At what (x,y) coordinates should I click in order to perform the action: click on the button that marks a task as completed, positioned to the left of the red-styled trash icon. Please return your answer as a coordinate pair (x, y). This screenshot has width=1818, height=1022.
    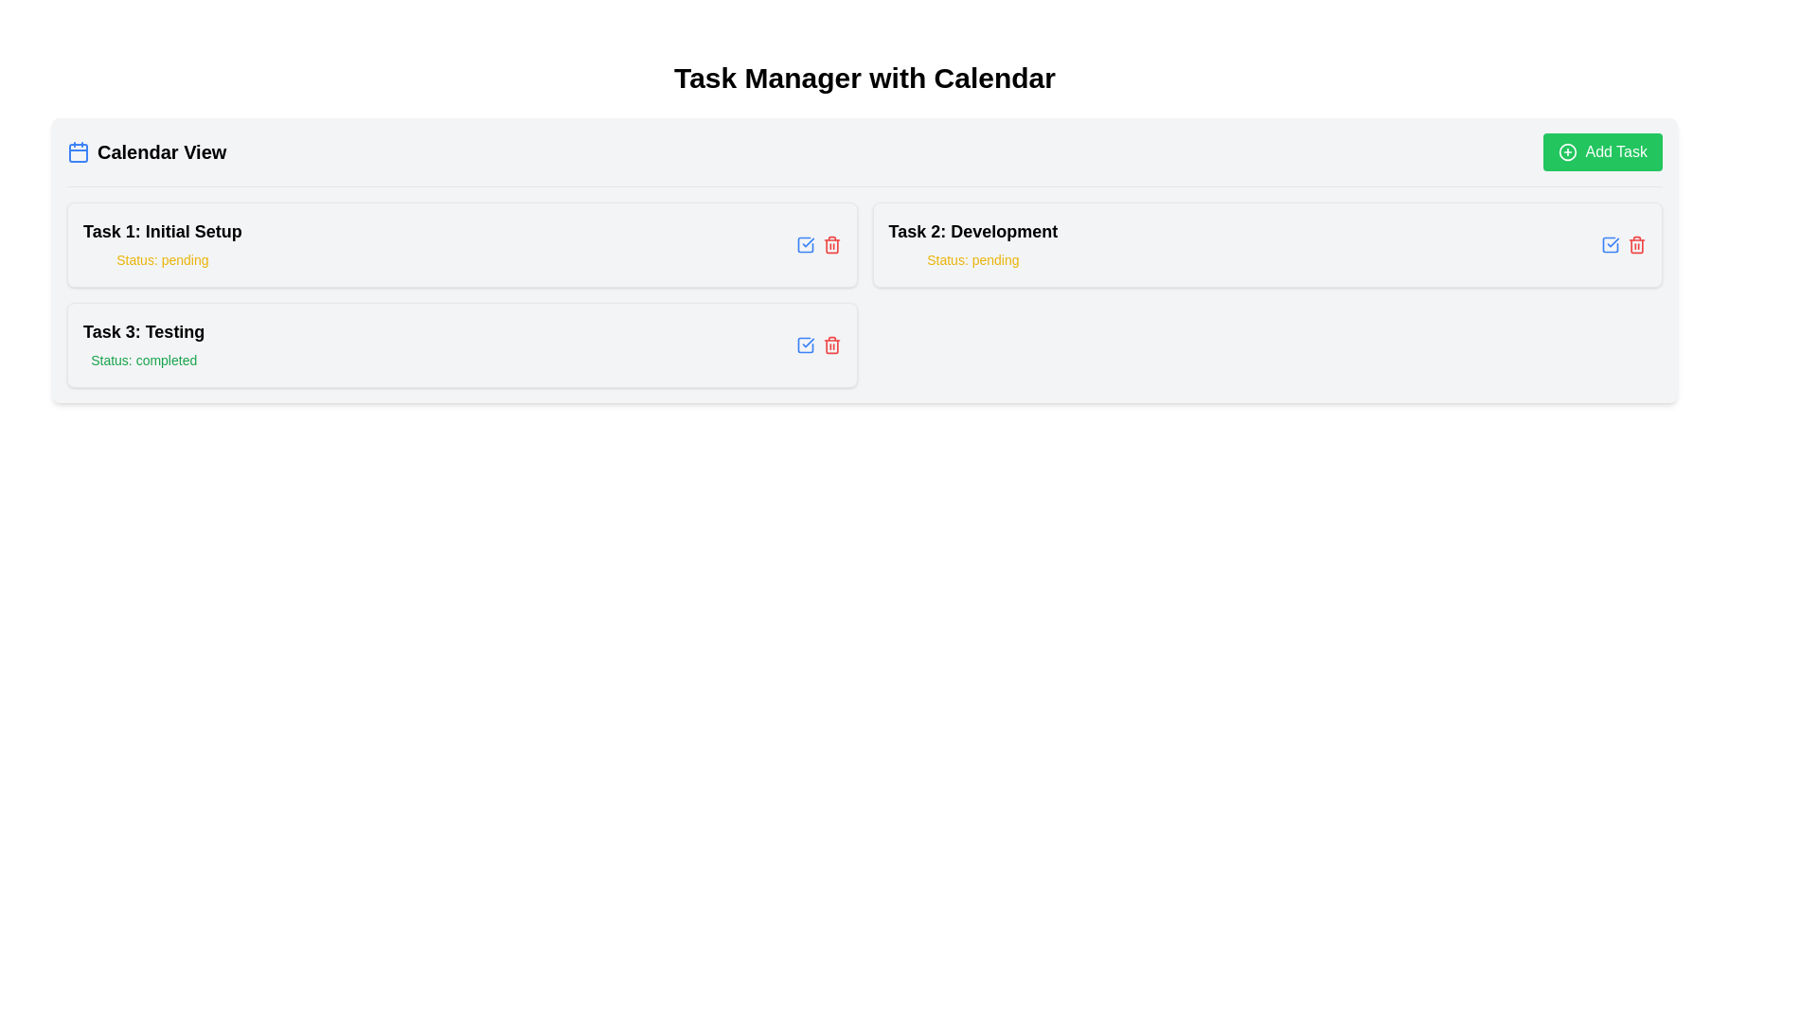
    Looking at the image, I should click on (1609, 243).